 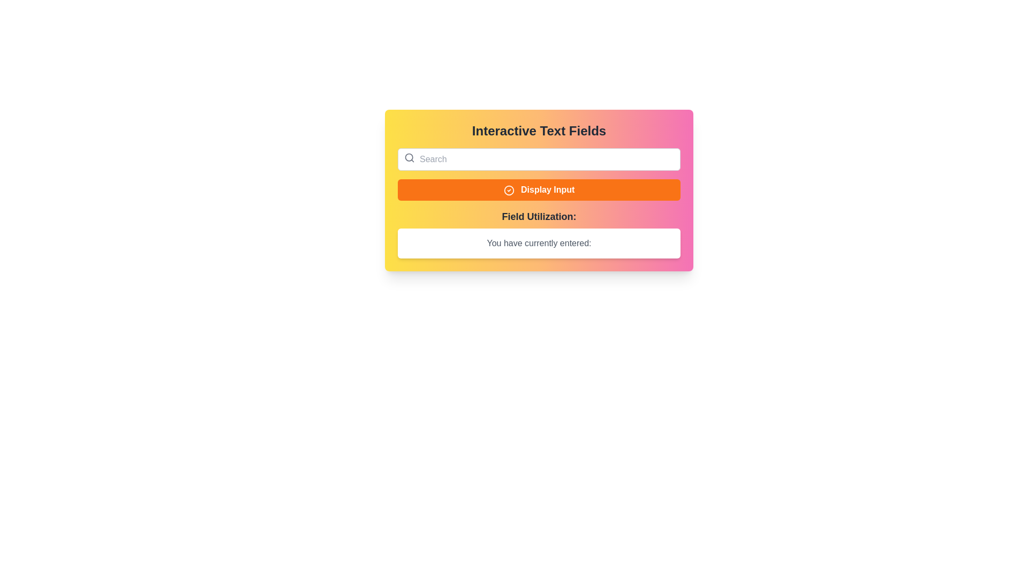 What do you see at coordinates (539, 233) in the screenshot?
I see `the text display group that shows the title 'Field Utilization:' and the message 'You have currently entered:', located below the 'Display Input' button in the 'Interactive Text Fields' card` at bounding box center [539, 233].